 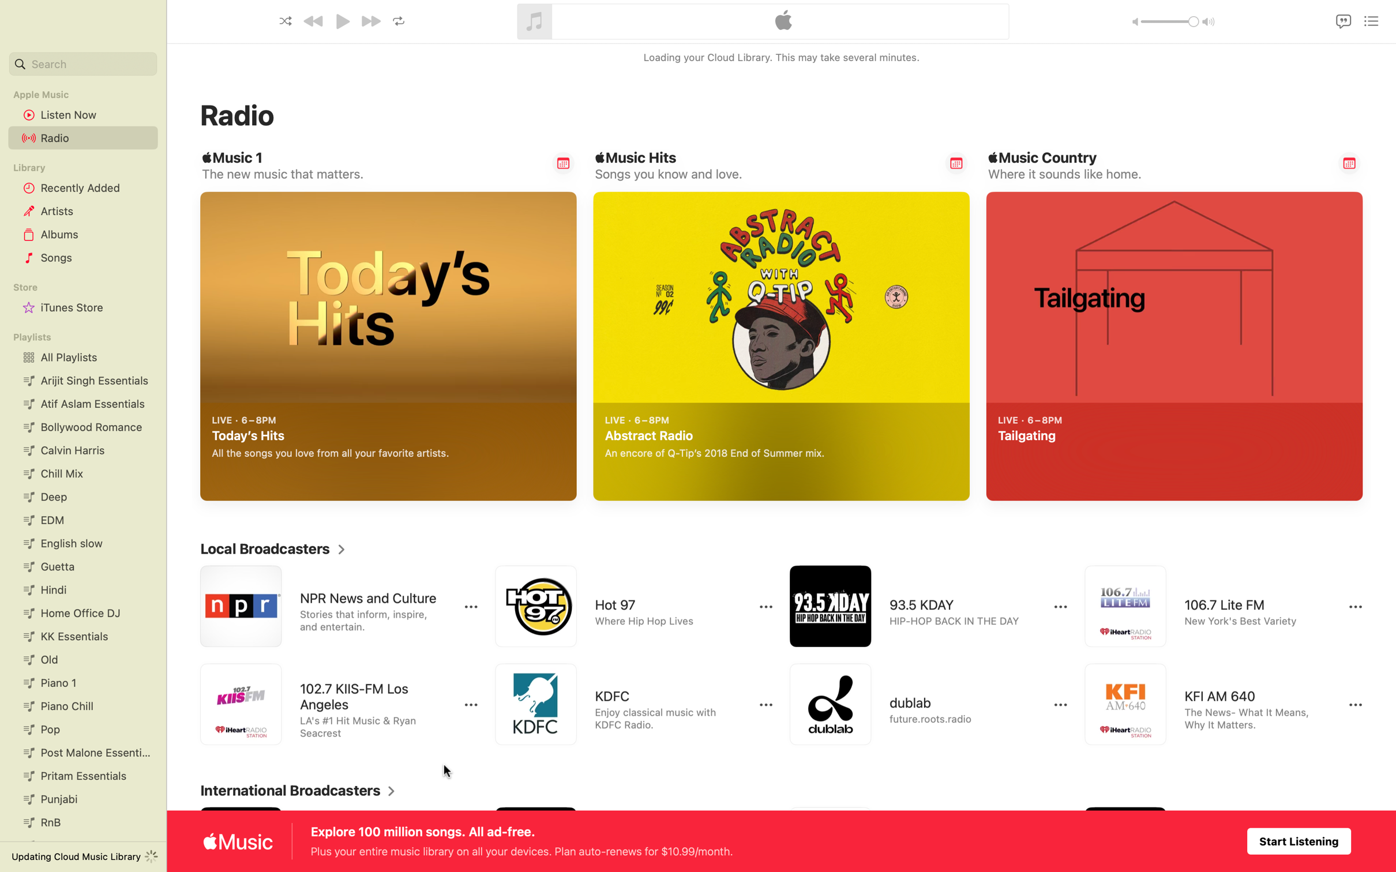 What do you see at coordinates (917, 606) in the screenshot?
I see `Tune into 93.5 KDAY` at bounding box center [917, 606].